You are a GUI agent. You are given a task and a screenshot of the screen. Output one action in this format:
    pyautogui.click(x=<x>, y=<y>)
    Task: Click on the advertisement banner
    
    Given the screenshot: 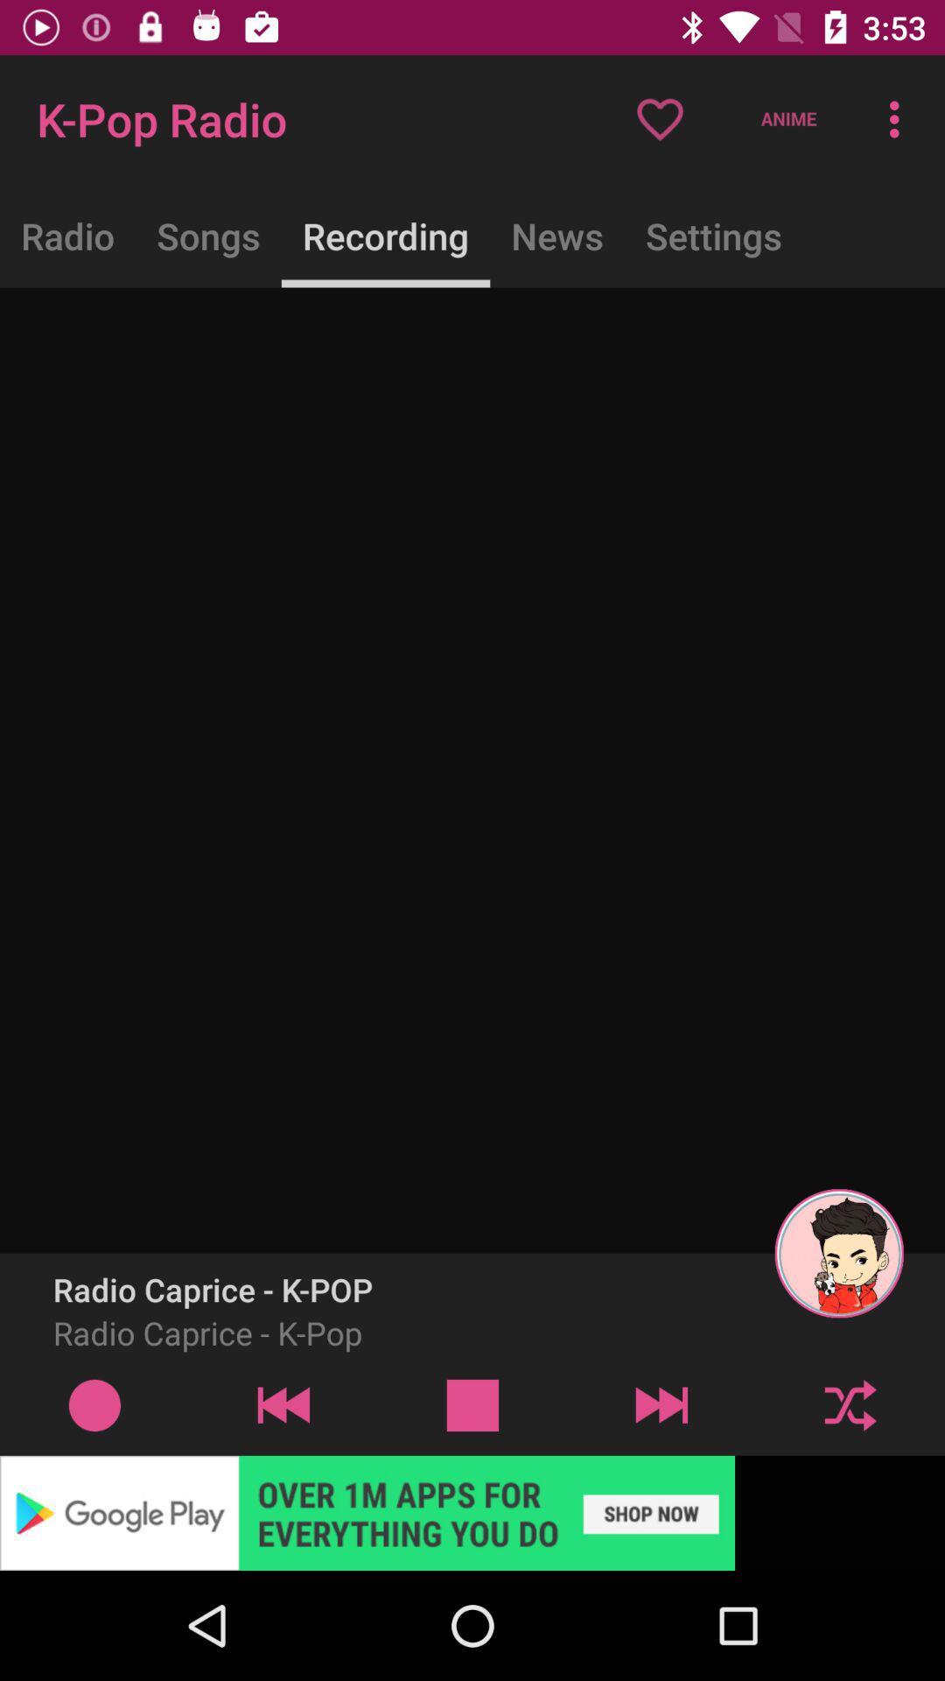 What is the action you would take?
    pyautogui.click(x=472, y=1512)
    